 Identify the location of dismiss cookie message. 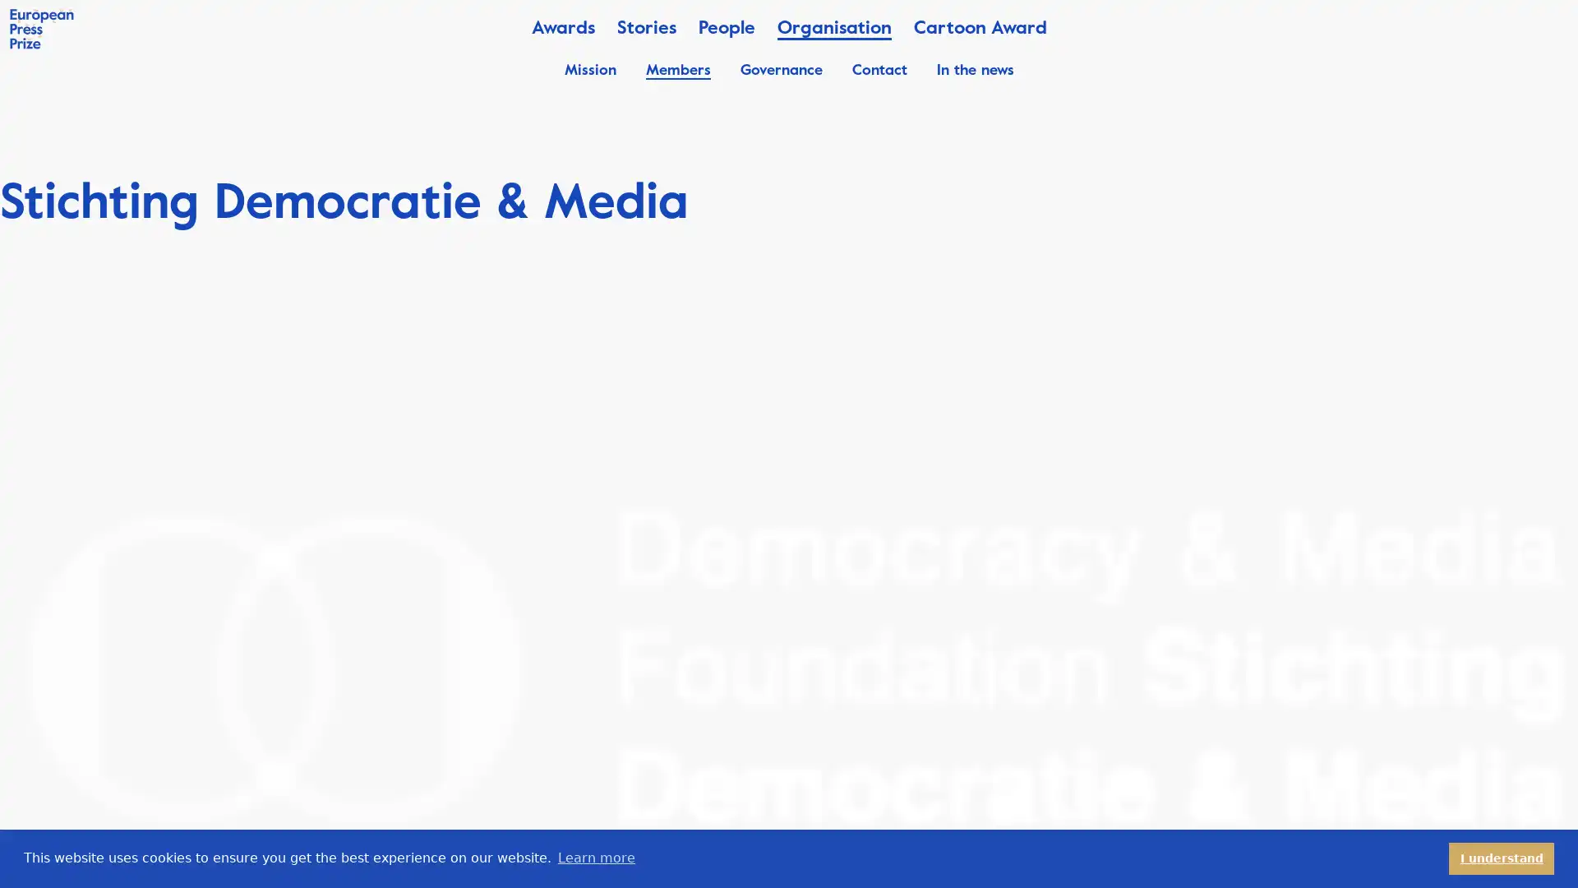
(1502, 858).